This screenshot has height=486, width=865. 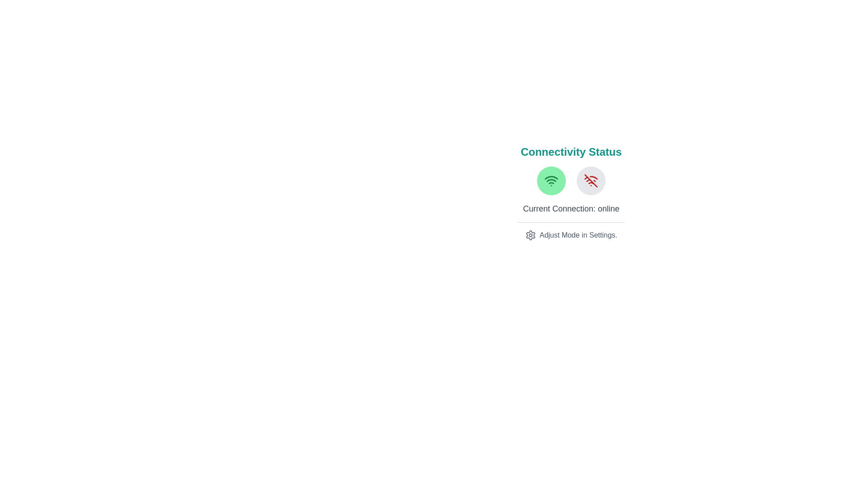 What do you see at coordinates (551, 180) in the screenshot?
I see `the 'Online' button to toggle the connectivity state` at bounding box center [551, 180].